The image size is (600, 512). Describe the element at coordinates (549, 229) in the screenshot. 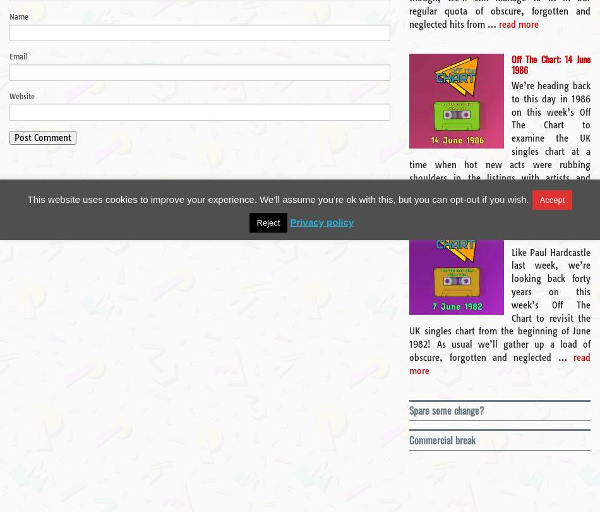

I see `'Off The Chart: 7 June 1982'` at that location.